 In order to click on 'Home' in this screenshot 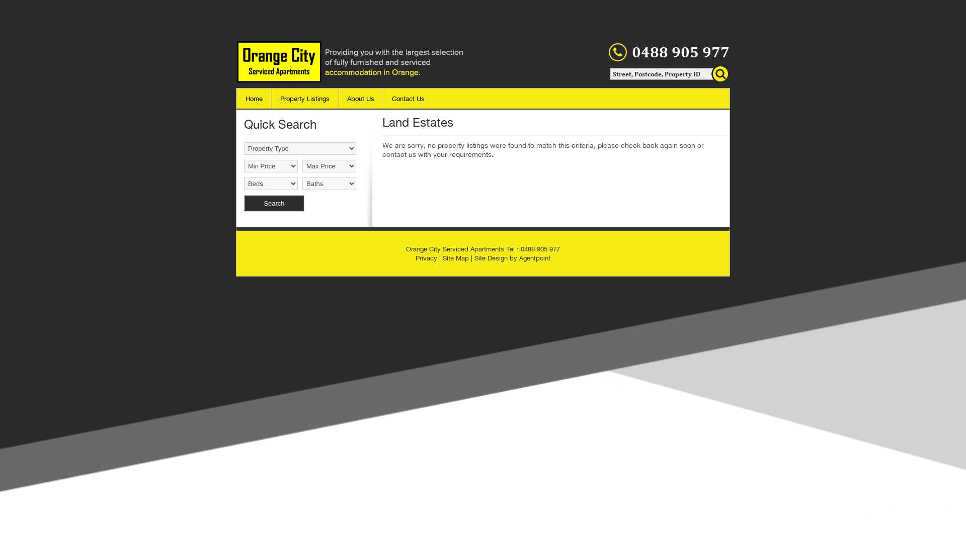, I will do `click(254, 99)`.